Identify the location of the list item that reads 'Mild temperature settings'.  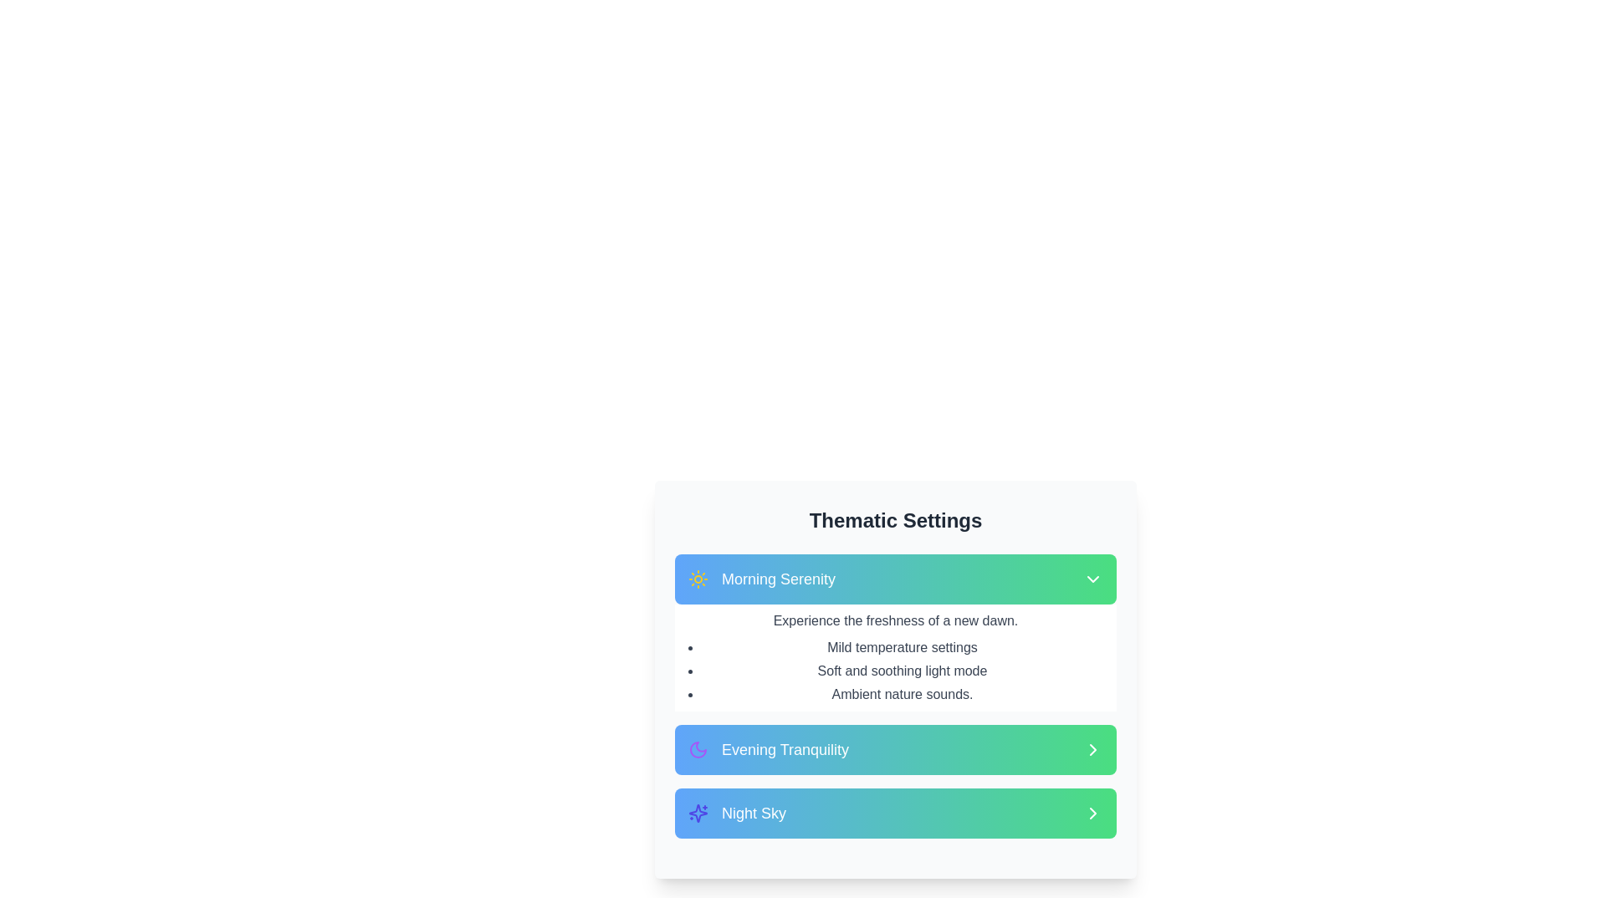
(902, 647).